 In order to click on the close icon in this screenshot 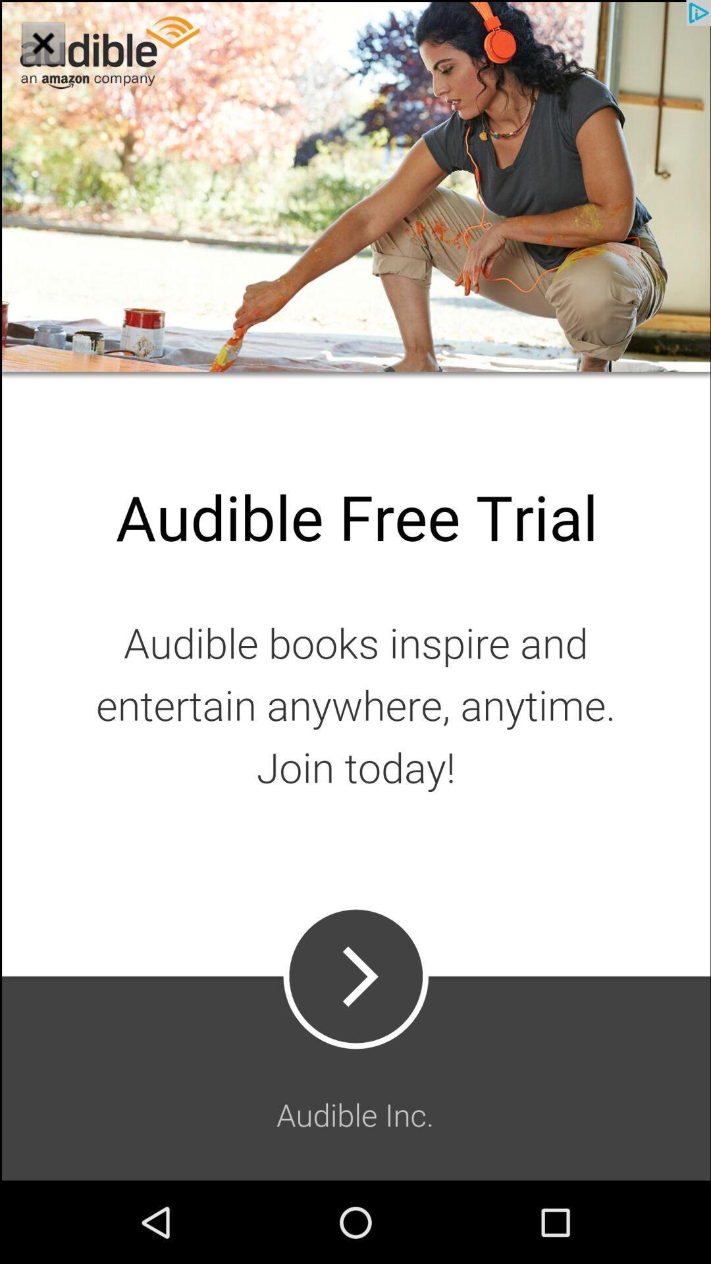, I will do `click(42, 46)`.